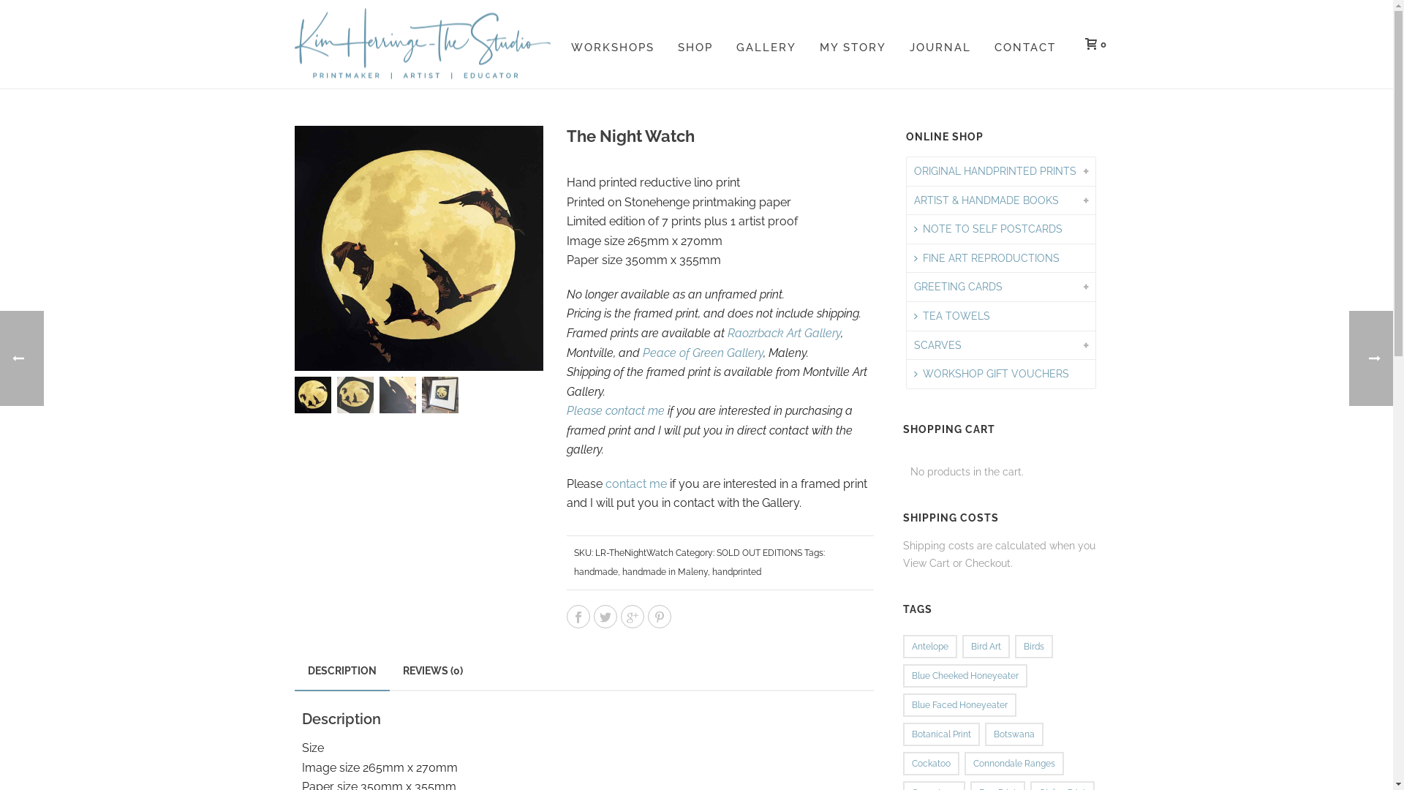 Image resolution: width=1404 pixels, height=790 pixels. I want to click on 'SOLD OUT EDITIONS', so click(716, 553).